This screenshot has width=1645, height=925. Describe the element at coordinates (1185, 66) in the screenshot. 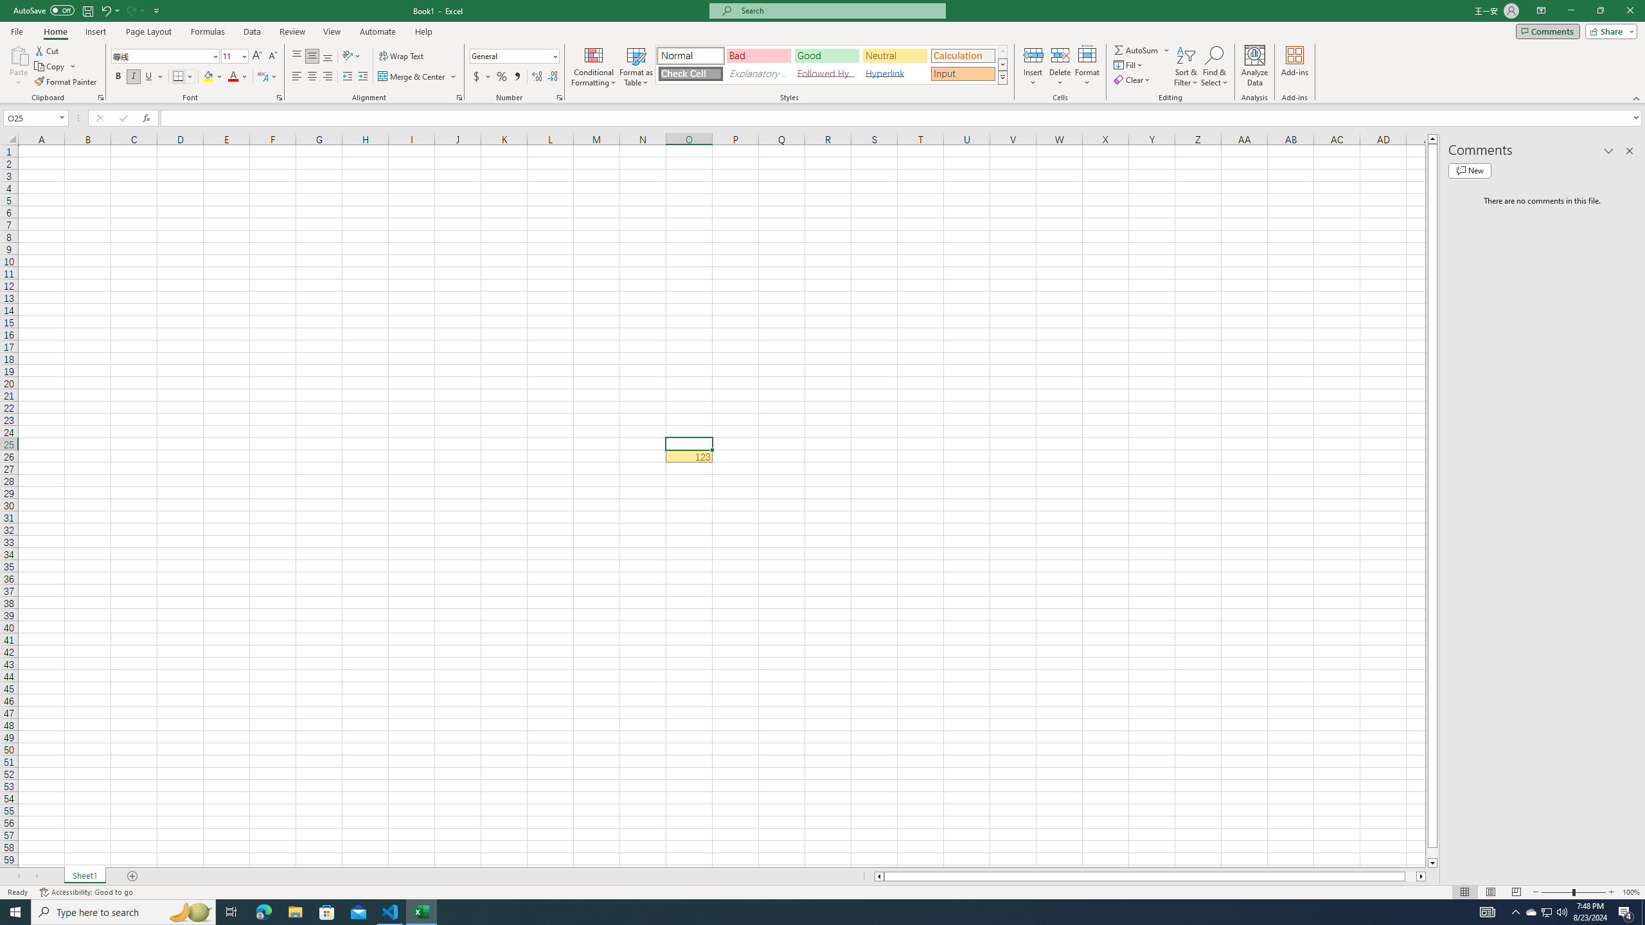

I see `'Sort & Filter'` at that location.